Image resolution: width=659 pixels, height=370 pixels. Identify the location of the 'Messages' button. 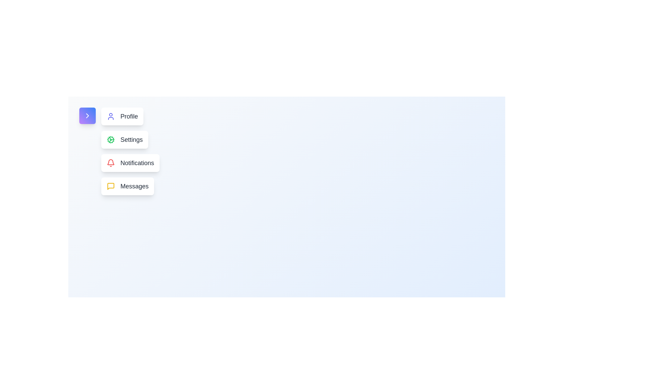
(128, 186).